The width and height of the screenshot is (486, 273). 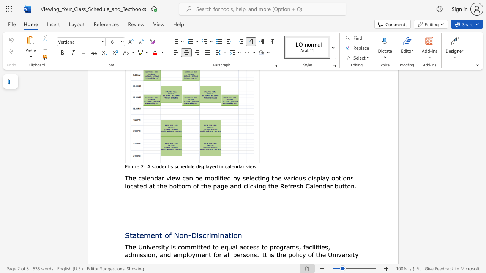 I want to click on the subset text "yment for all persons.  It is t" within the text "The University is committed to equal access to programs, facilities, admission, and employment for all persons.  It is the policy of the University", so click(x=192, y=254).